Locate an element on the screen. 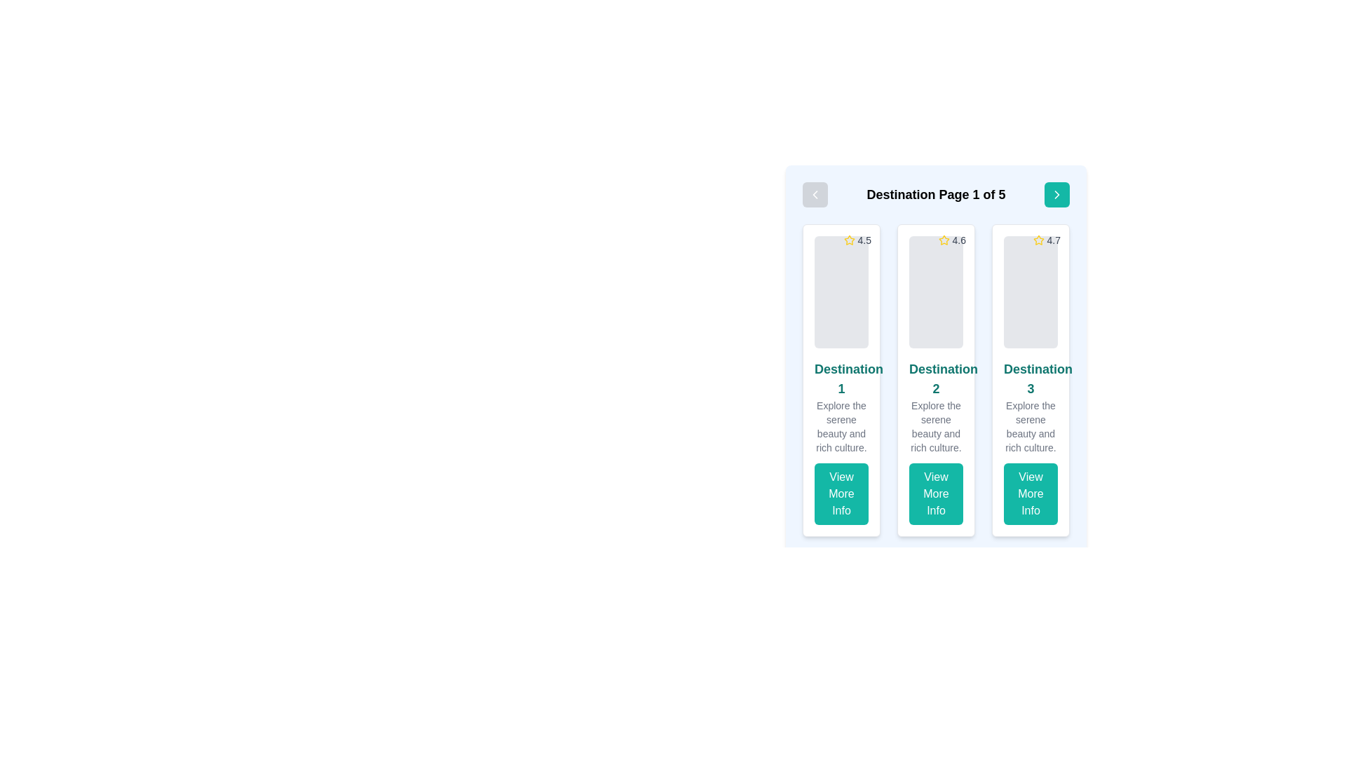 The image size is (1346, 757). the rightward-facing chevron icon located in the top-right corner of the navigation interface is located at coordinates (1056, 194).